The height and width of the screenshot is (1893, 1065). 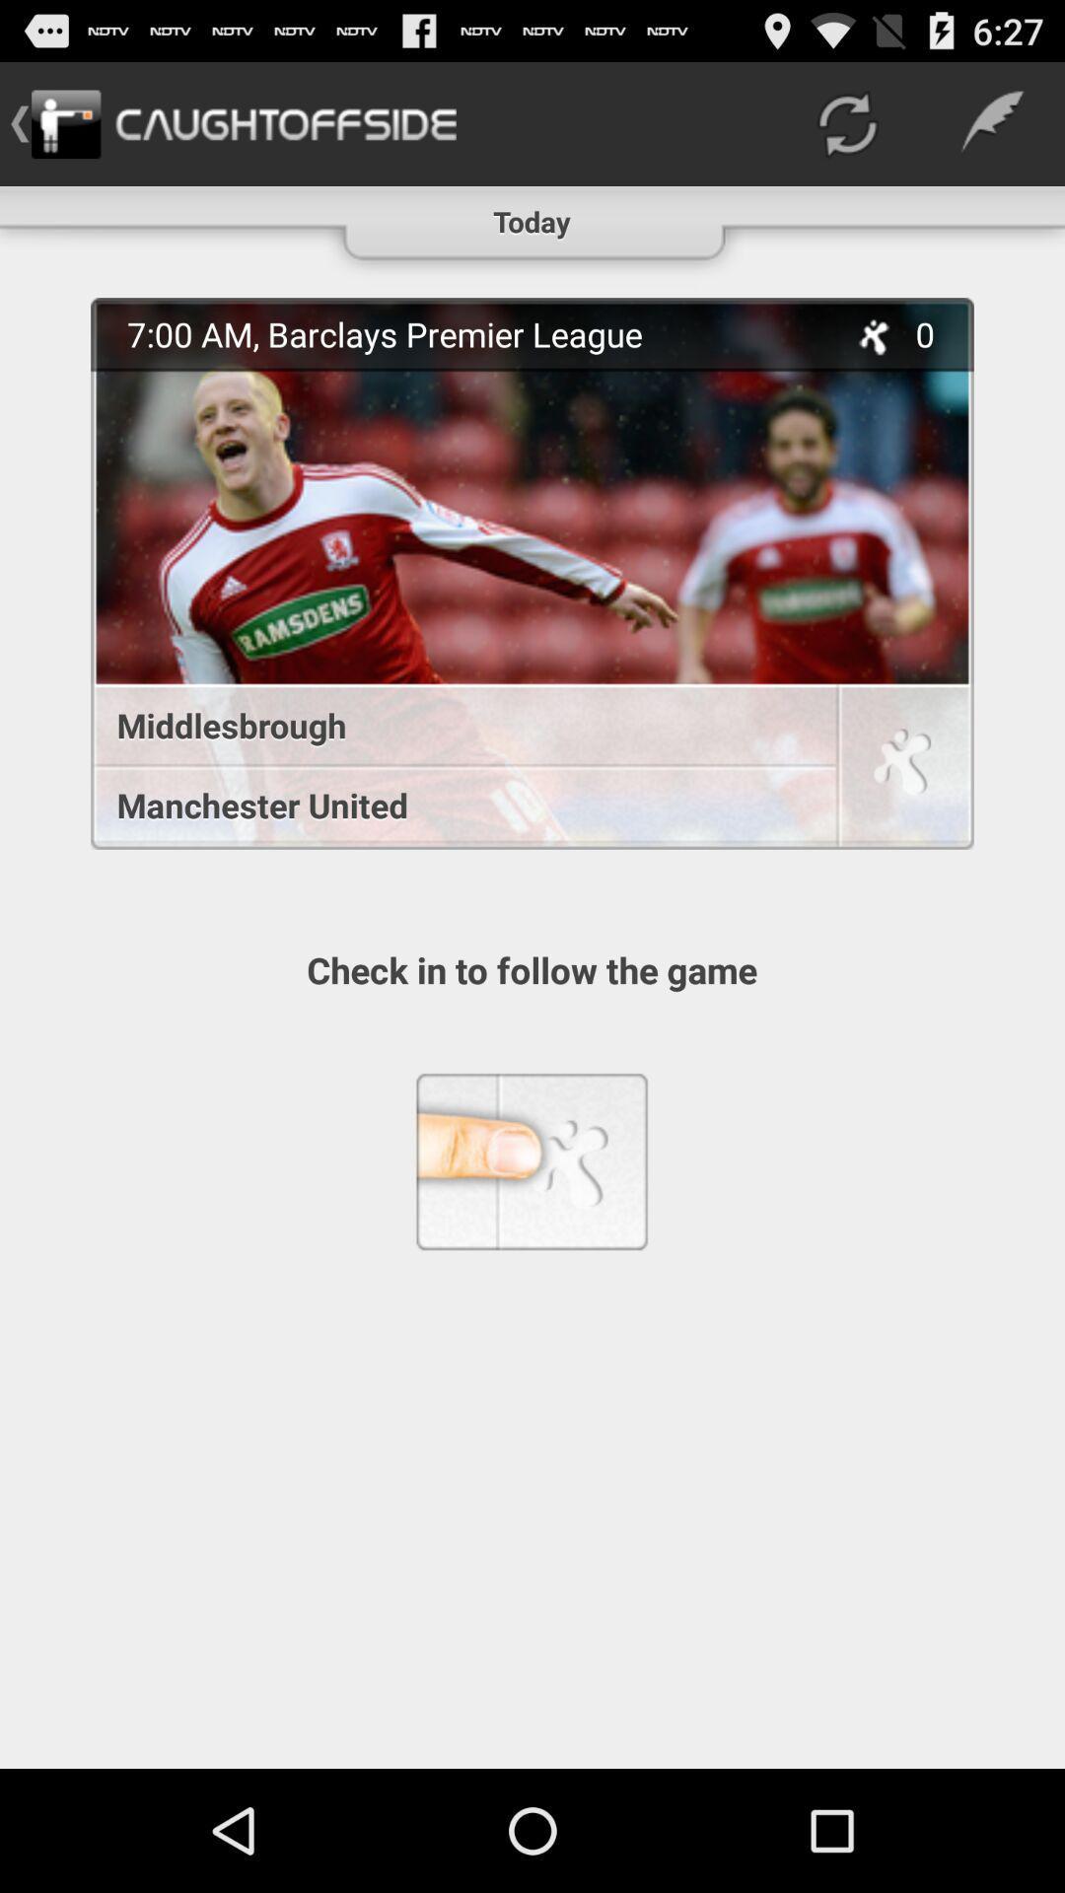 What do you see at coordinates (531, 1161) in the screenshot?
I see `the item below the check in to item` at bounding box center [531, 1161].